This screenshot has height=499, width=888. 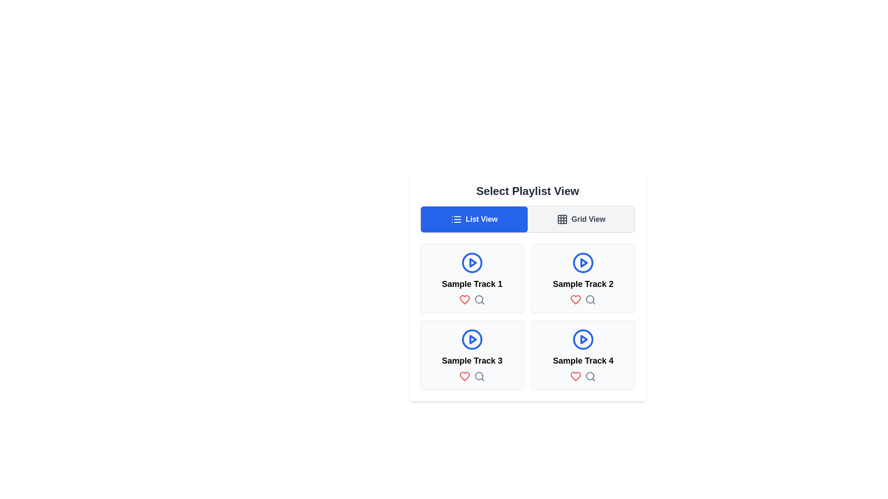 I want to click on the text label that displays the title or name of the track in the top-left card of the four-card grid, positioned below the circular play button and above the heart and magnifying glass icons, so click(x=472, y=283).